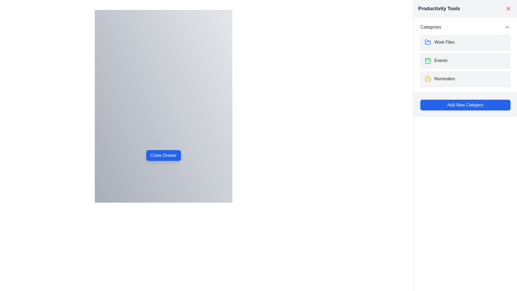 The image size is (517, 291). I want to click on the circular outline of the clock face within the clock icon in the 'Reminders' category of the 'Productivity Tools' sidebar, so click(427, 79).